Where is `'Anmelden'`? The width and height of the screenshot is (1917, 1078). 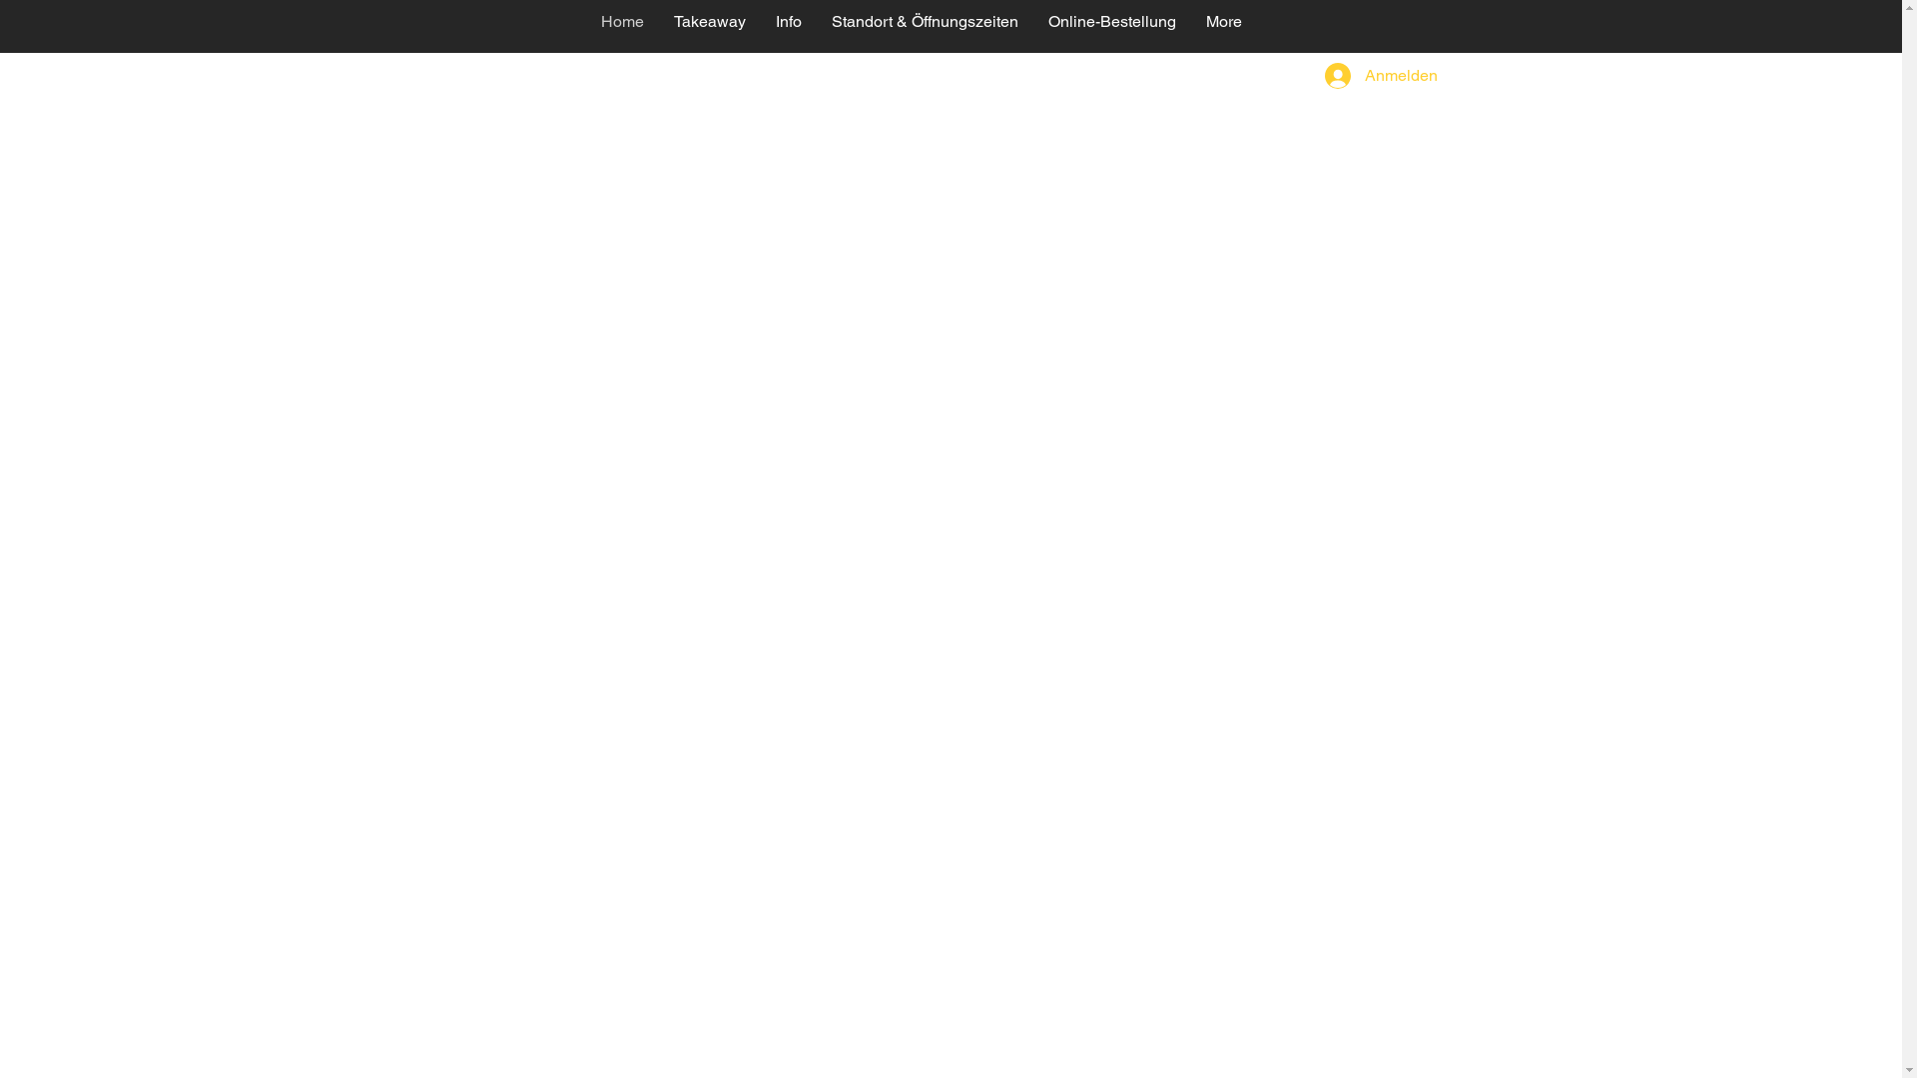 'Anmelden' is located at coordinates (1369, 75).